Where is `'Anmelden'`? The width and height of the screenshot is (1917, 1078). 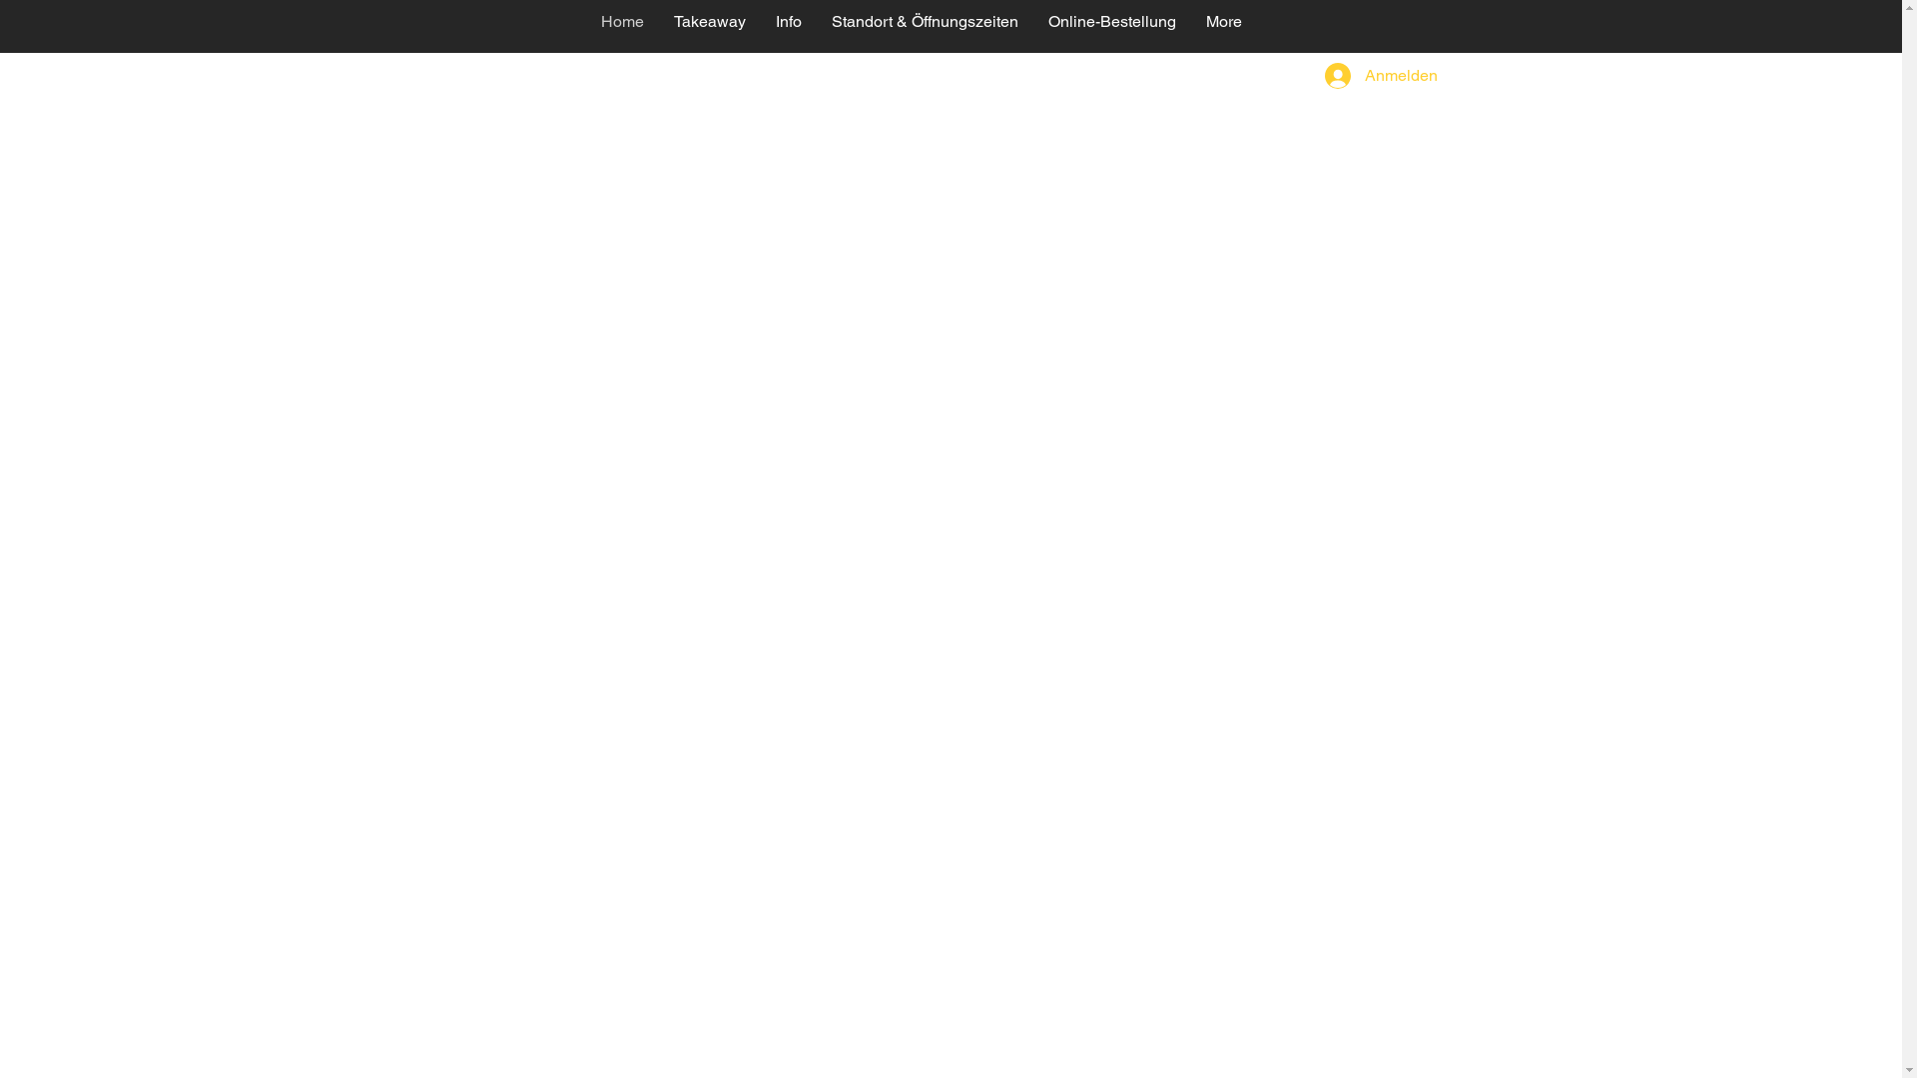 'Anmelden' is located at coordinates (1369, 75).